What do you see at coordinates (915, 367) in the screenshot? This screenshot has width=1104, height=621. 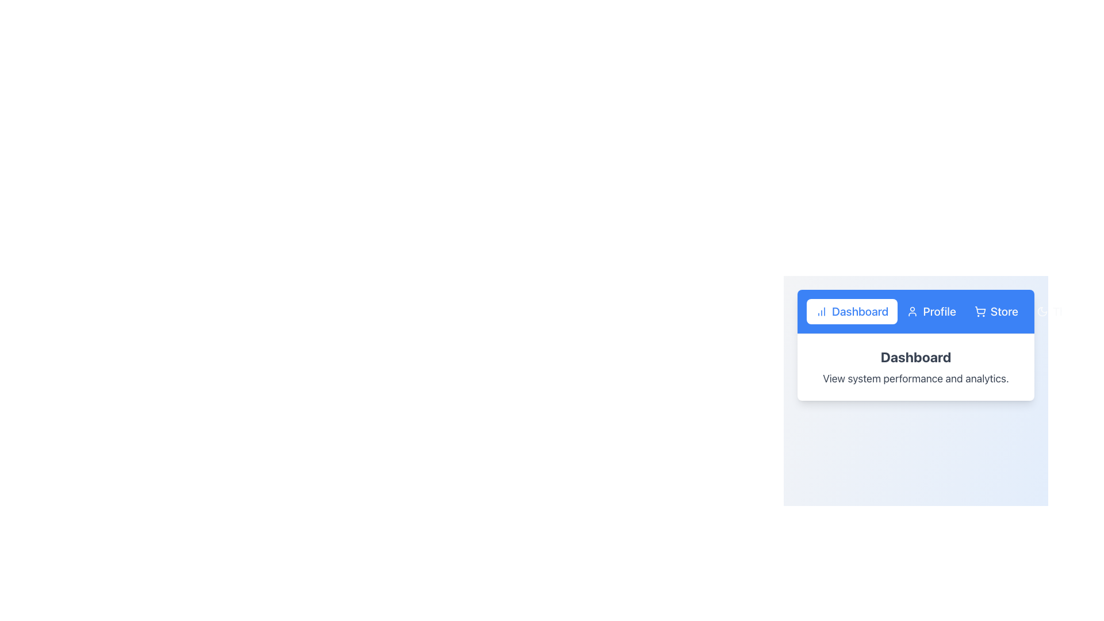 I see `the Text Block titled 'Dashboard', which contains a description stating 'View system performance and analytics.' This element is centered below the navigation tabs` at bounding box center [915, 367].